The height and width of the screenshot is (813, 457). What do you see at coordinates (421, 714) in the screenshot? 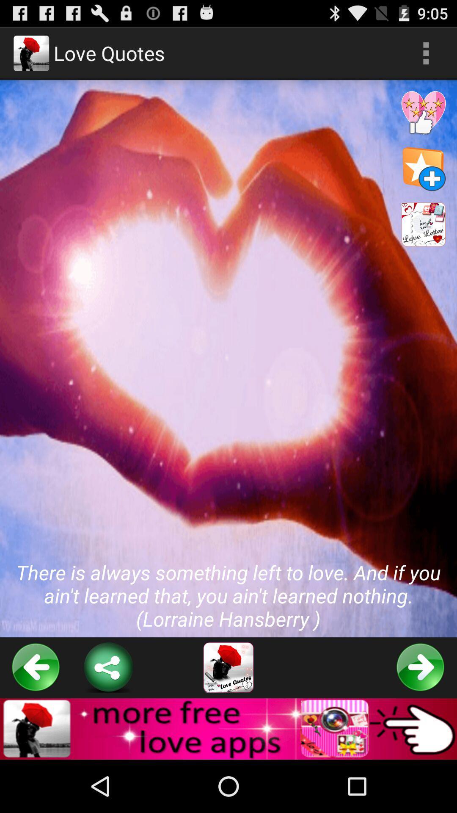
I see `the arrow_forward icon` at bounding box center [421, 714].